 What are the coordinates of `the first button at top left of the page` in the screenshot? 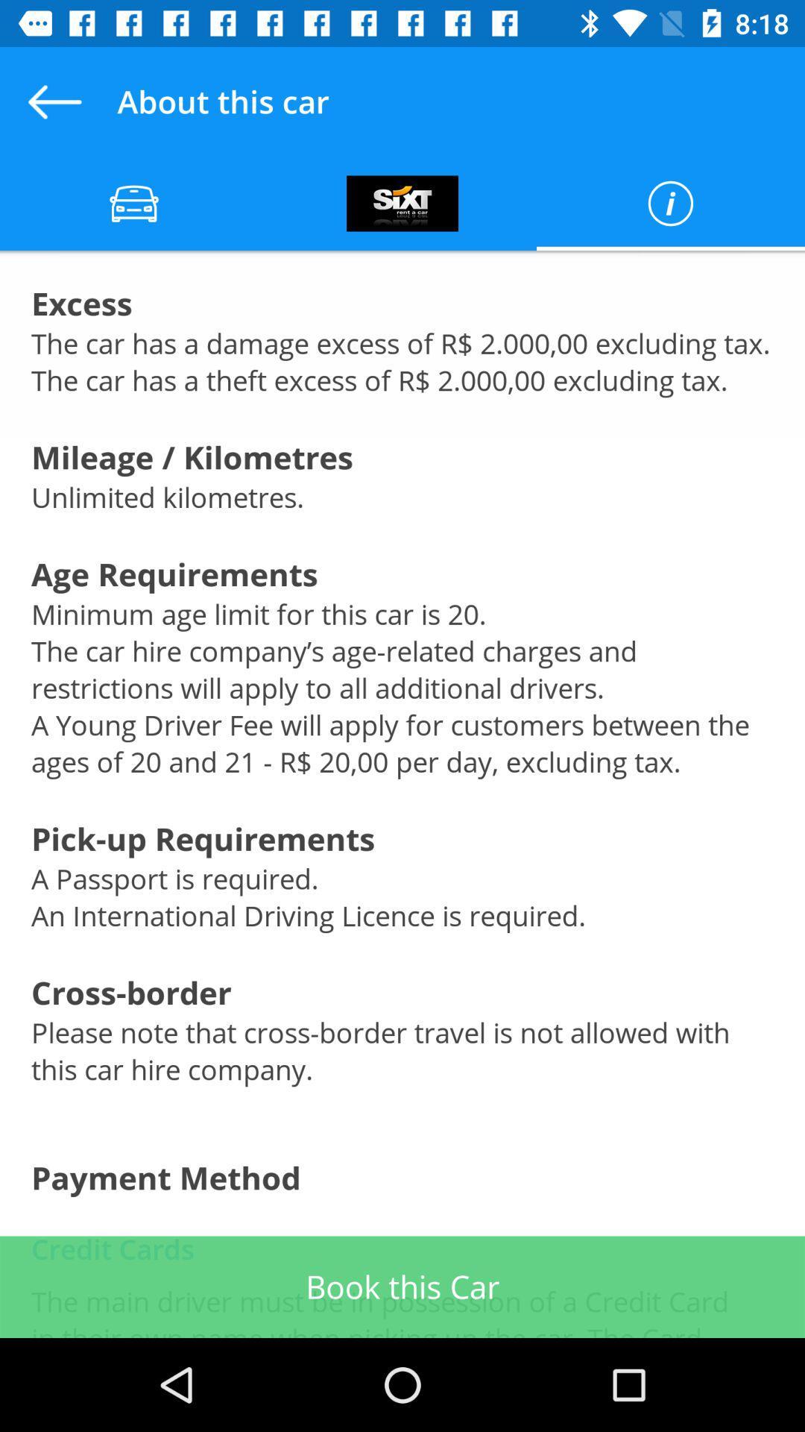 It's located at (134, 203).